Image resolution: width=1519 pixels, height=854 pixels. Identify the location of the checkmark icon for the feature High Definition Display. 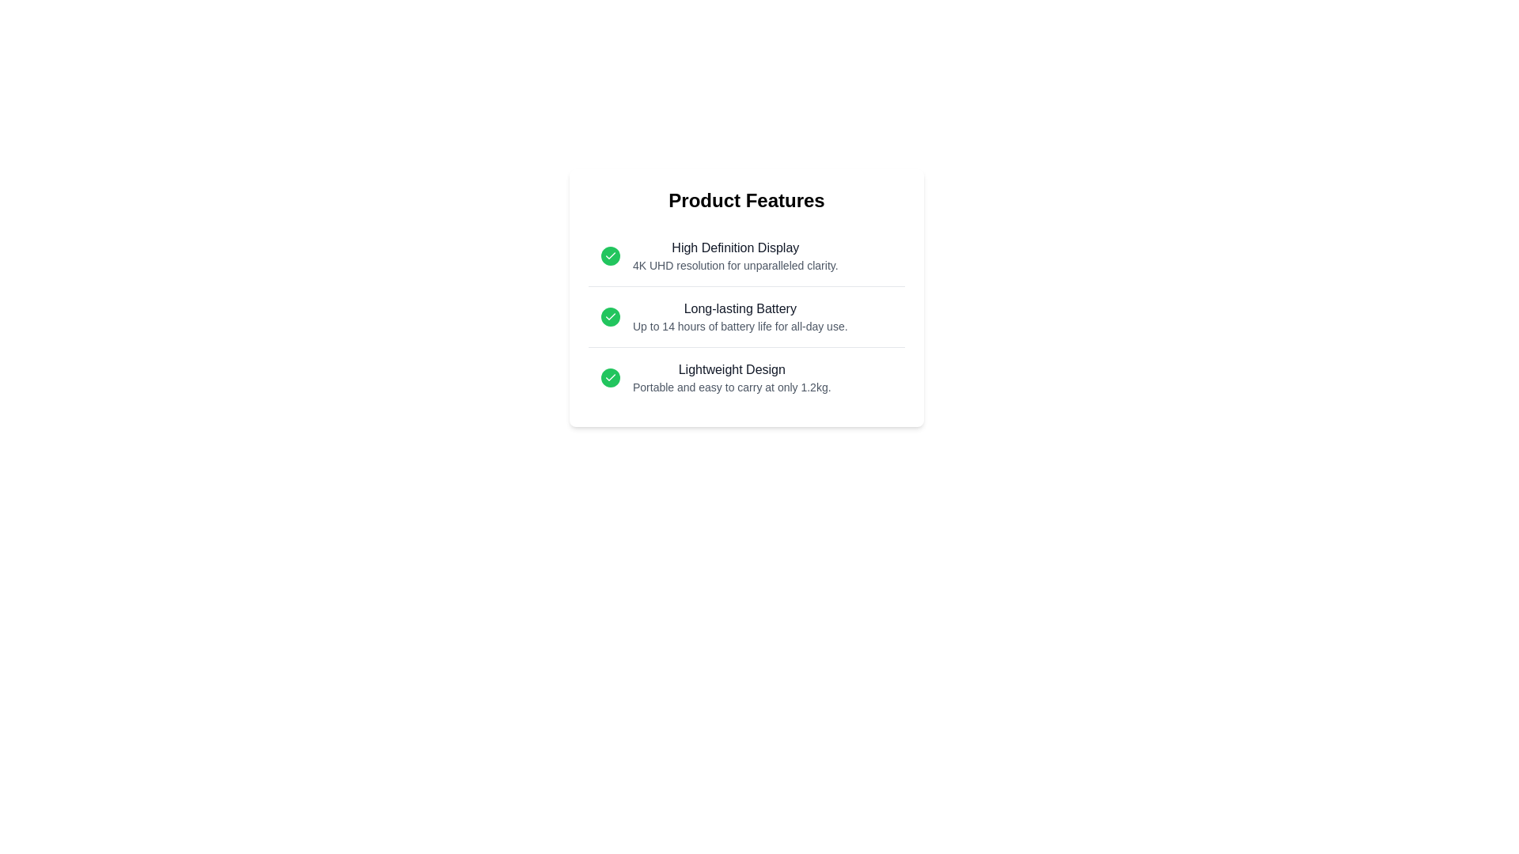
(610, 255).